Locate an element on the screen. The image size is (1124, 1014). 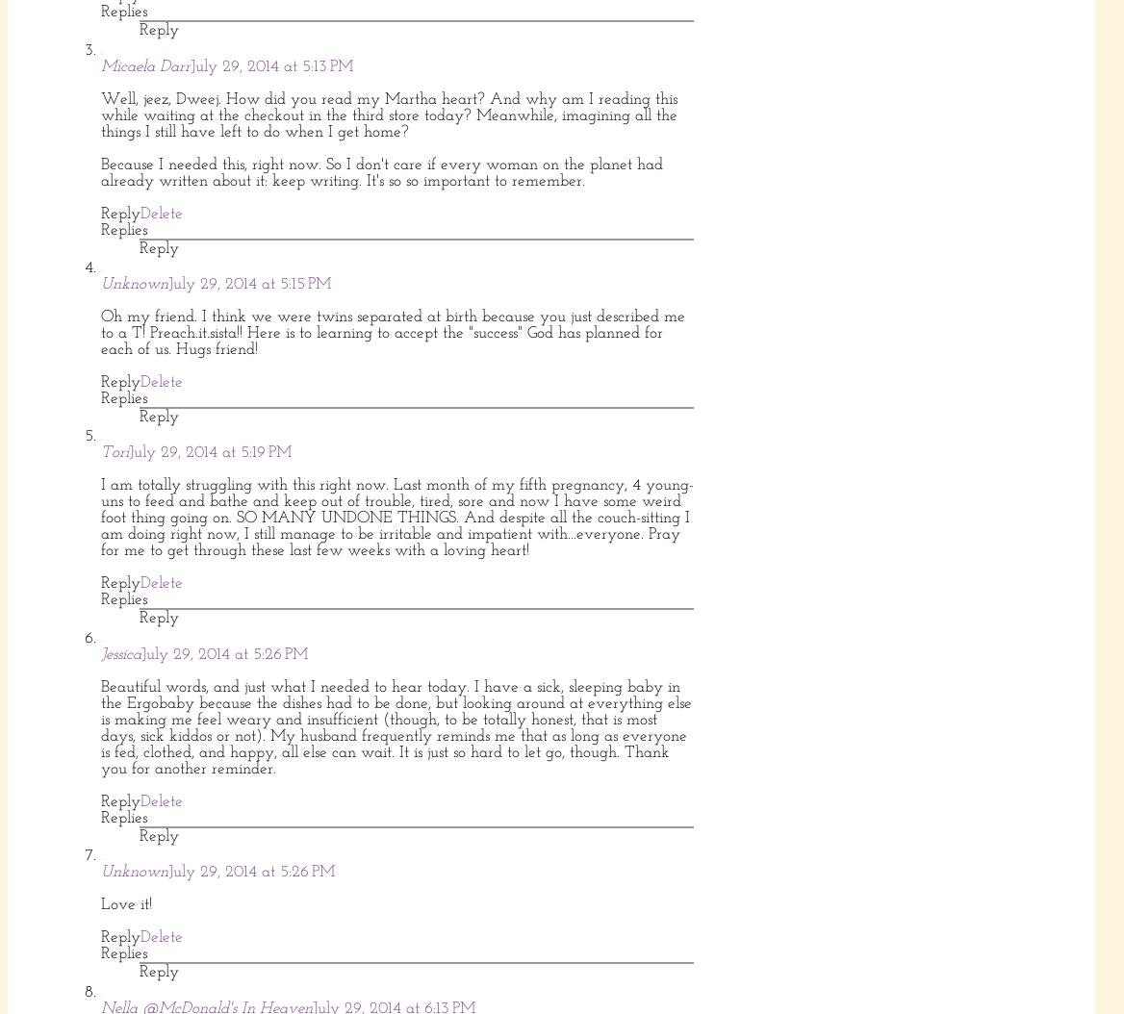
'July 29, 2014 at 5:19 PM' is located at coordinates (127, 452).